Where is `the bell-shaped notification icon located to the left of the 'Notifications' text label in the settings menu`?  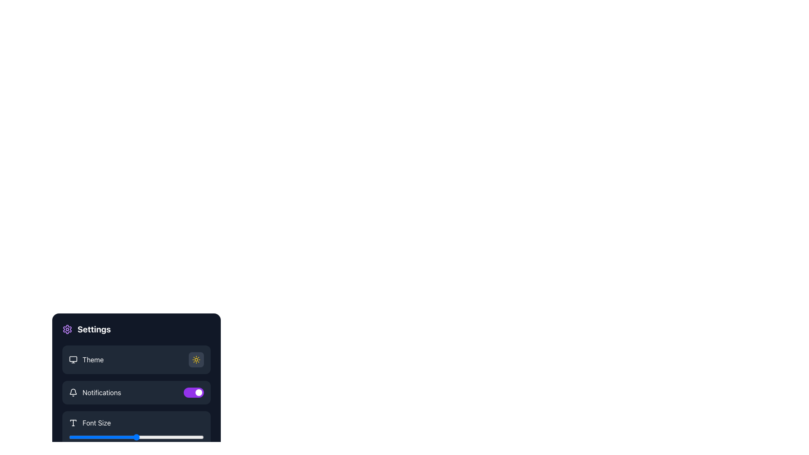 the bell-shaped notification icon located to the left of the 'Notifications' text label in the settings menu is located at coordinates (73, 393).